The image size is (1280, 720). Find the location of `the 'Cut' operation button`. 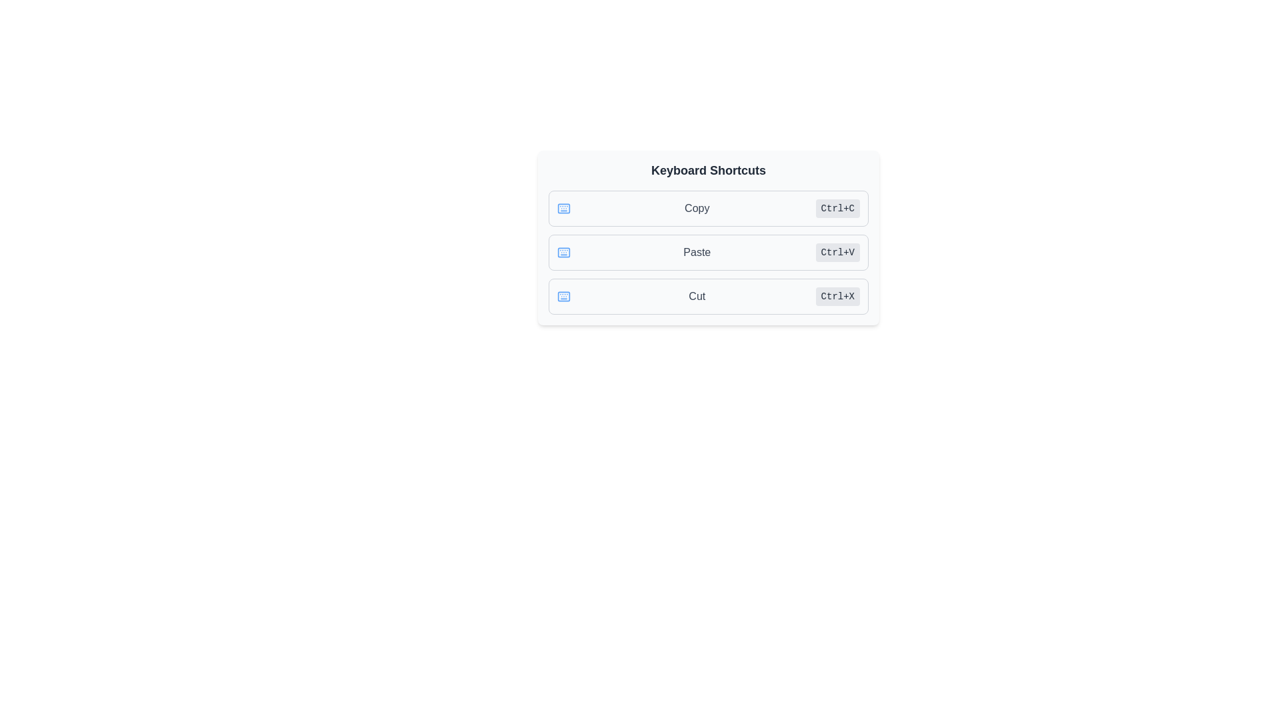

the 'Cut' operation button is located at coordinates (707, 295).